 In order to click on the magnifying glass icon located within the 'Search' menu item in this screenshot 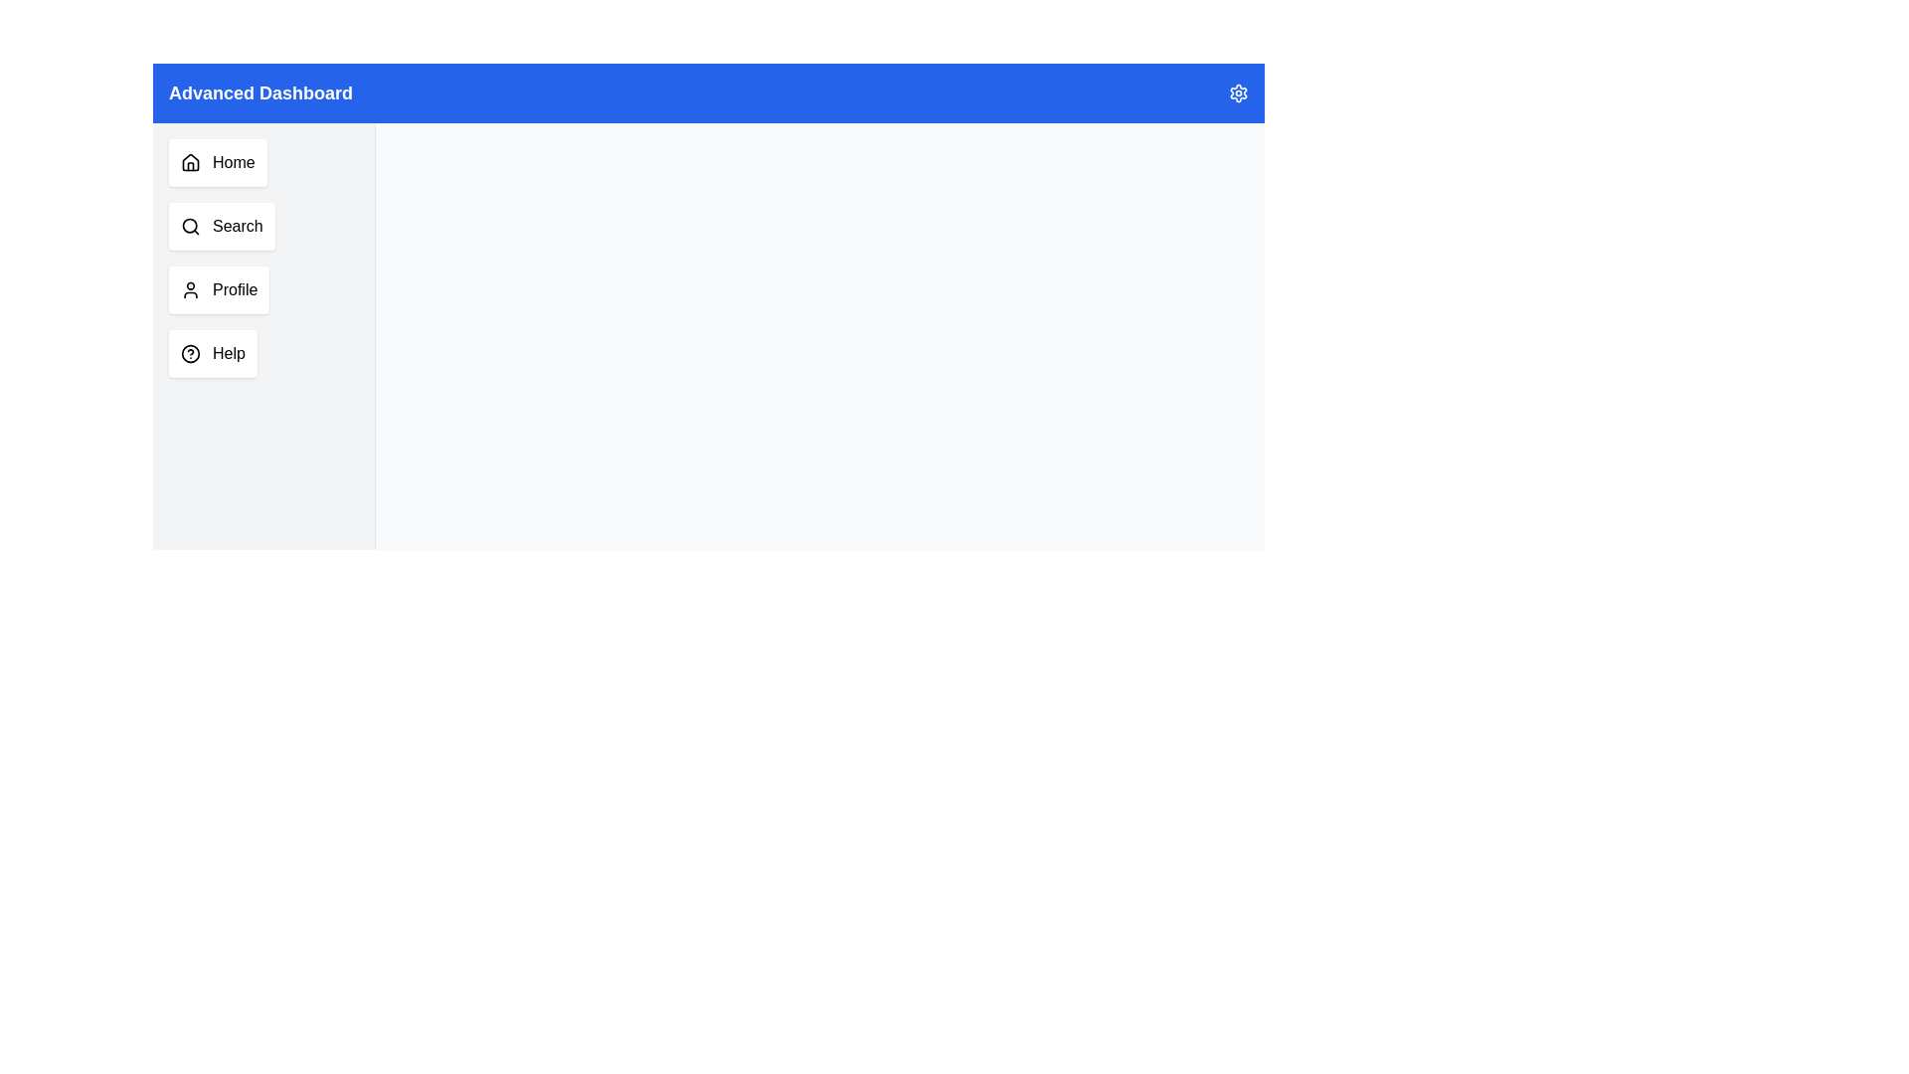, I will do `click(191, 225)`.